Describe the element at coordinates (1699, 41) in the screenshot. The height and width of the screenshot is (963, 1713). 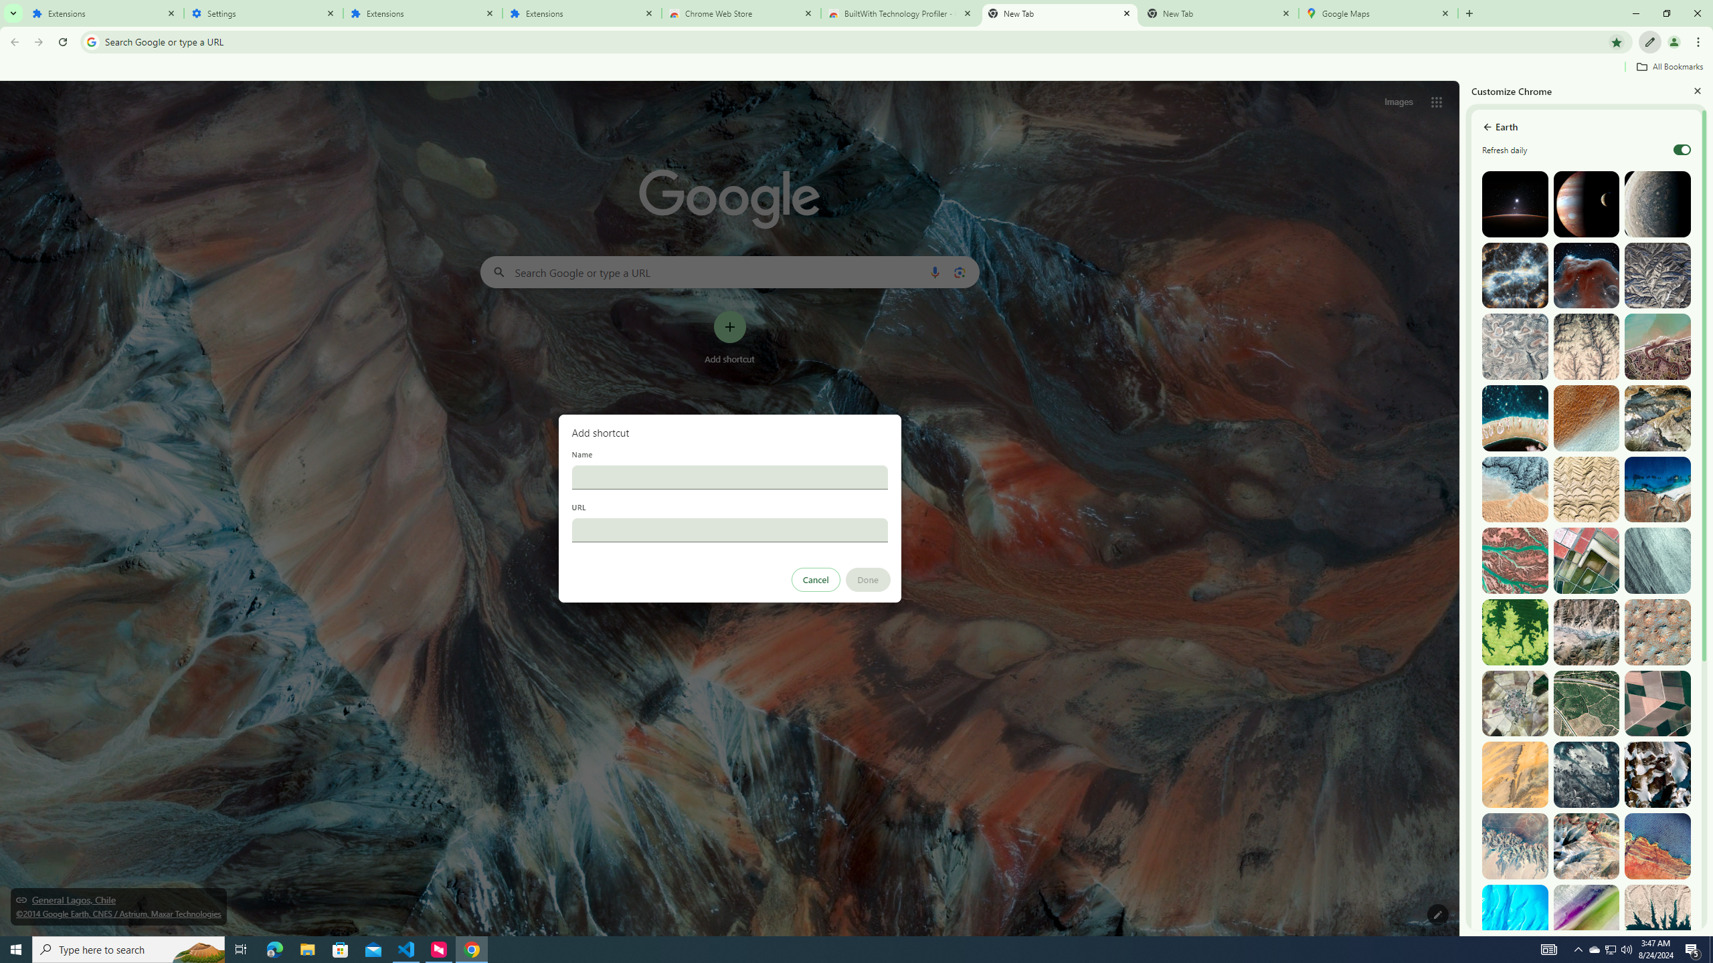
I see `'Chrome'` at that location.